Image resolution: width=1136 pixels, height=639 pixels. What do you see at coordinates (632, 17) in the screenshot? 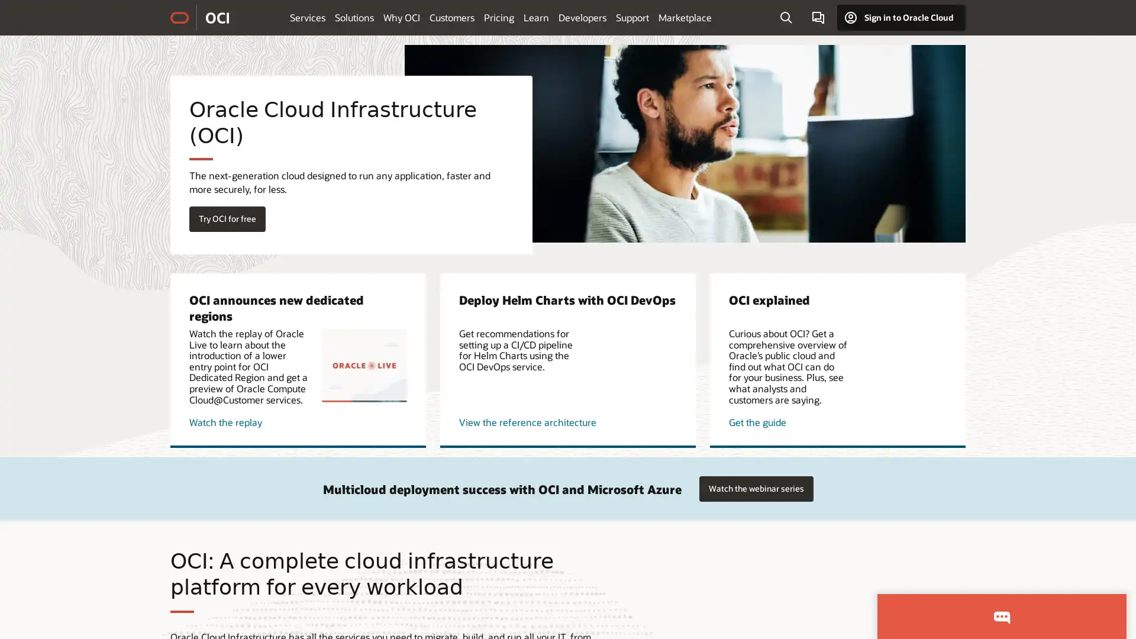
I see `Support` at bounding box center [632, 17].